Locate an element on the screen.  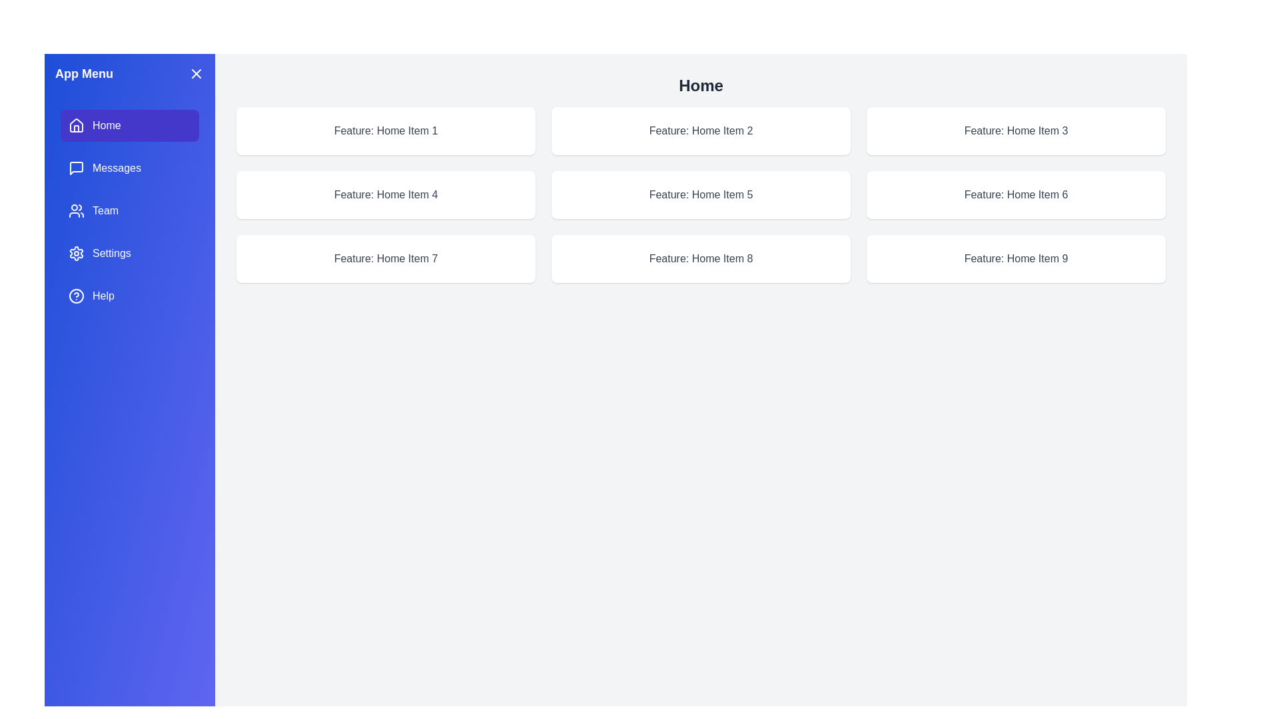
the feature Home from the menu is located at coordinates (130, 126).